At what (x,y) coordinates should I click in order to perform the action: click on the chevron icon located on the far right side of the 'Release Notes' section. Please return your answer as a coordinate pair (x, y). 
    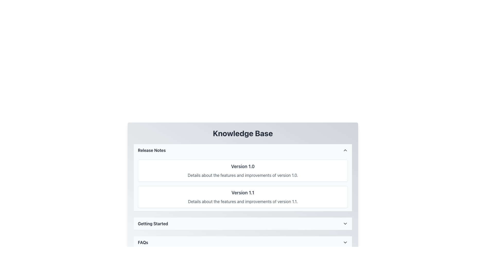
    Looking at the image, I should click on (345, 150).